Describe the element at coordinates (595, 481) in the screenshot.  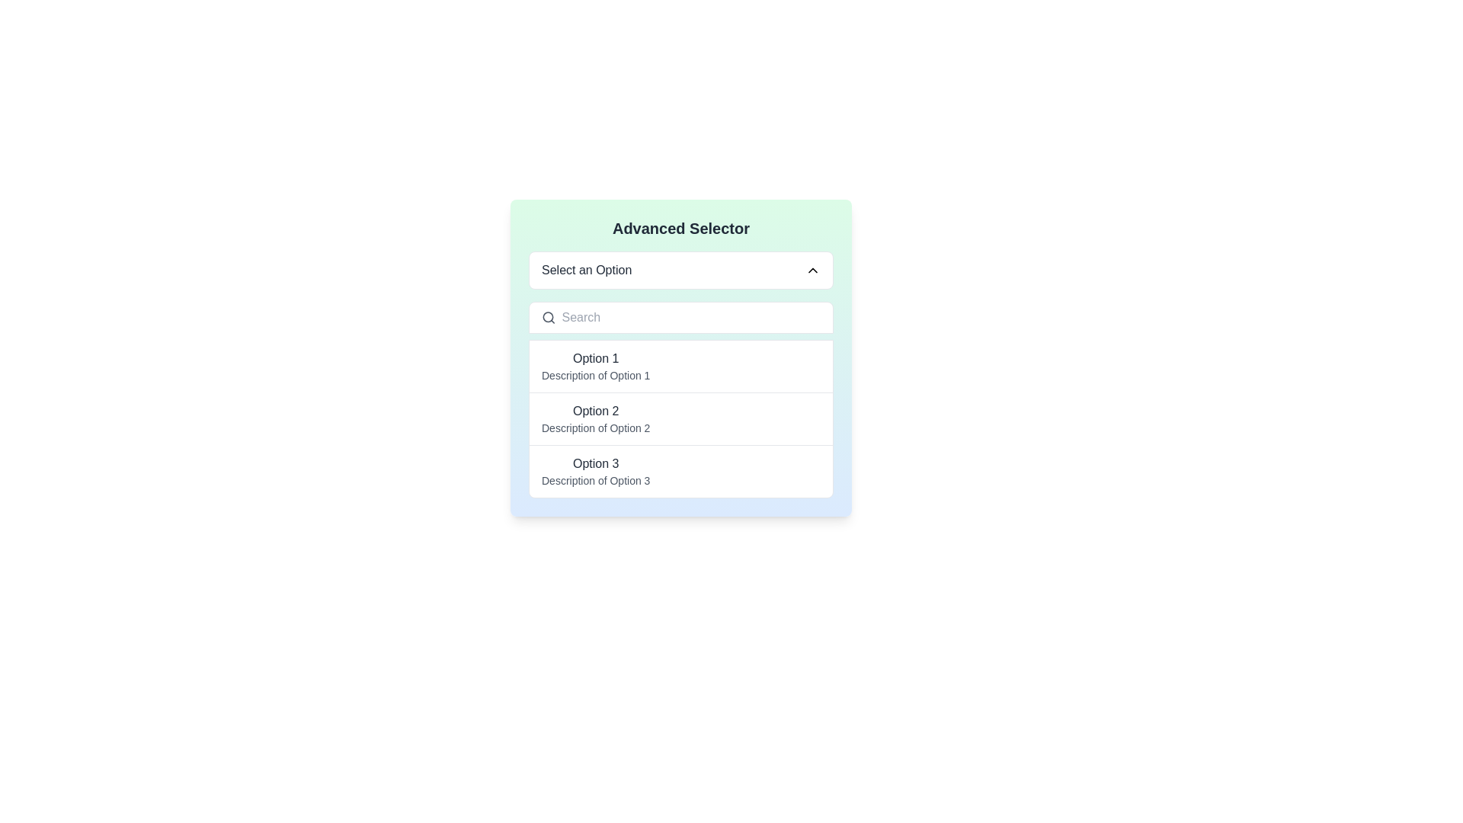
I see `the text label that reads 'Description of Option 3', which is styled in small gray text and located directly beneath the label 'Option 3' in a vertical list of options` at that location.